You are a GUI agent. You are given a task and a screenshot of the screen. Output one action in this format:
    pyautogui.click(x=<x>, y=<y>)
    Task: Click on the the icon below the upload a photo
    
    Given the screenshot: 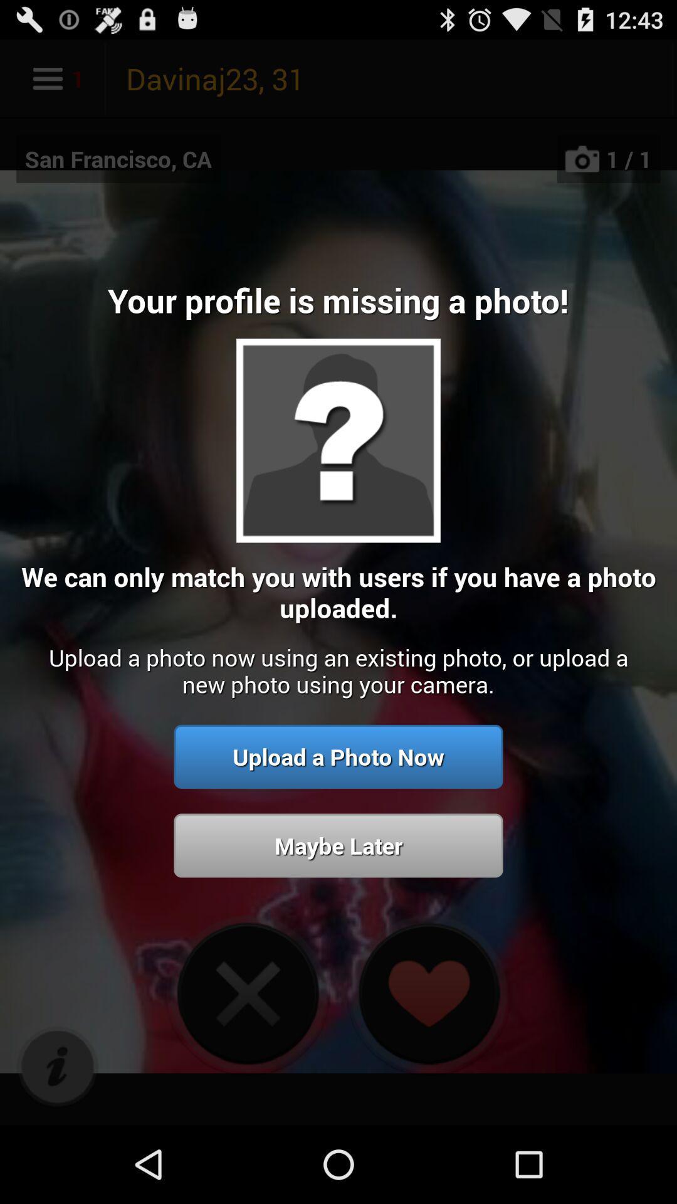 What is the action you would take?
    pyautogui.click(x=338, y=845)
    